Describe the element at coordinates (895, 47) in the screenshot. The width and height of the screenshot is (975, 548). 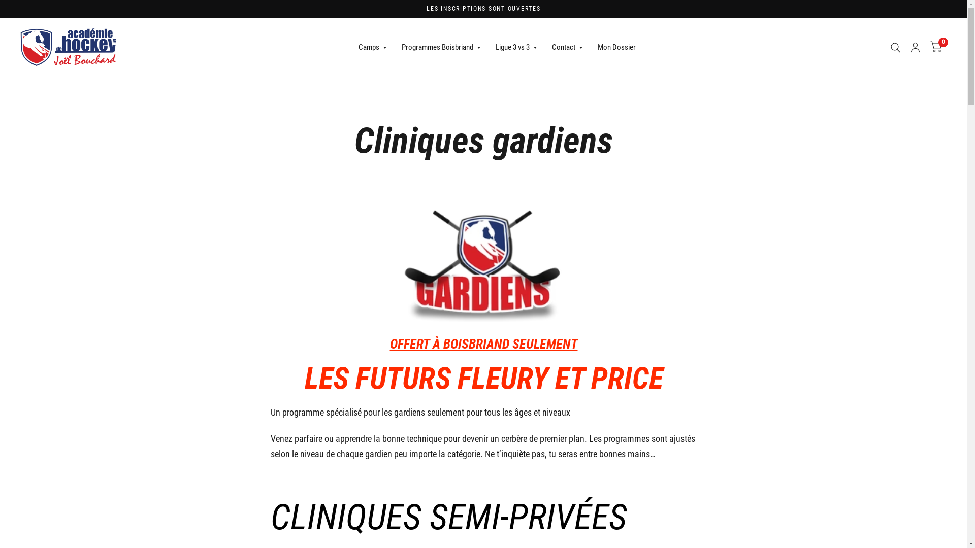
I see `'Recherche'` at that location.